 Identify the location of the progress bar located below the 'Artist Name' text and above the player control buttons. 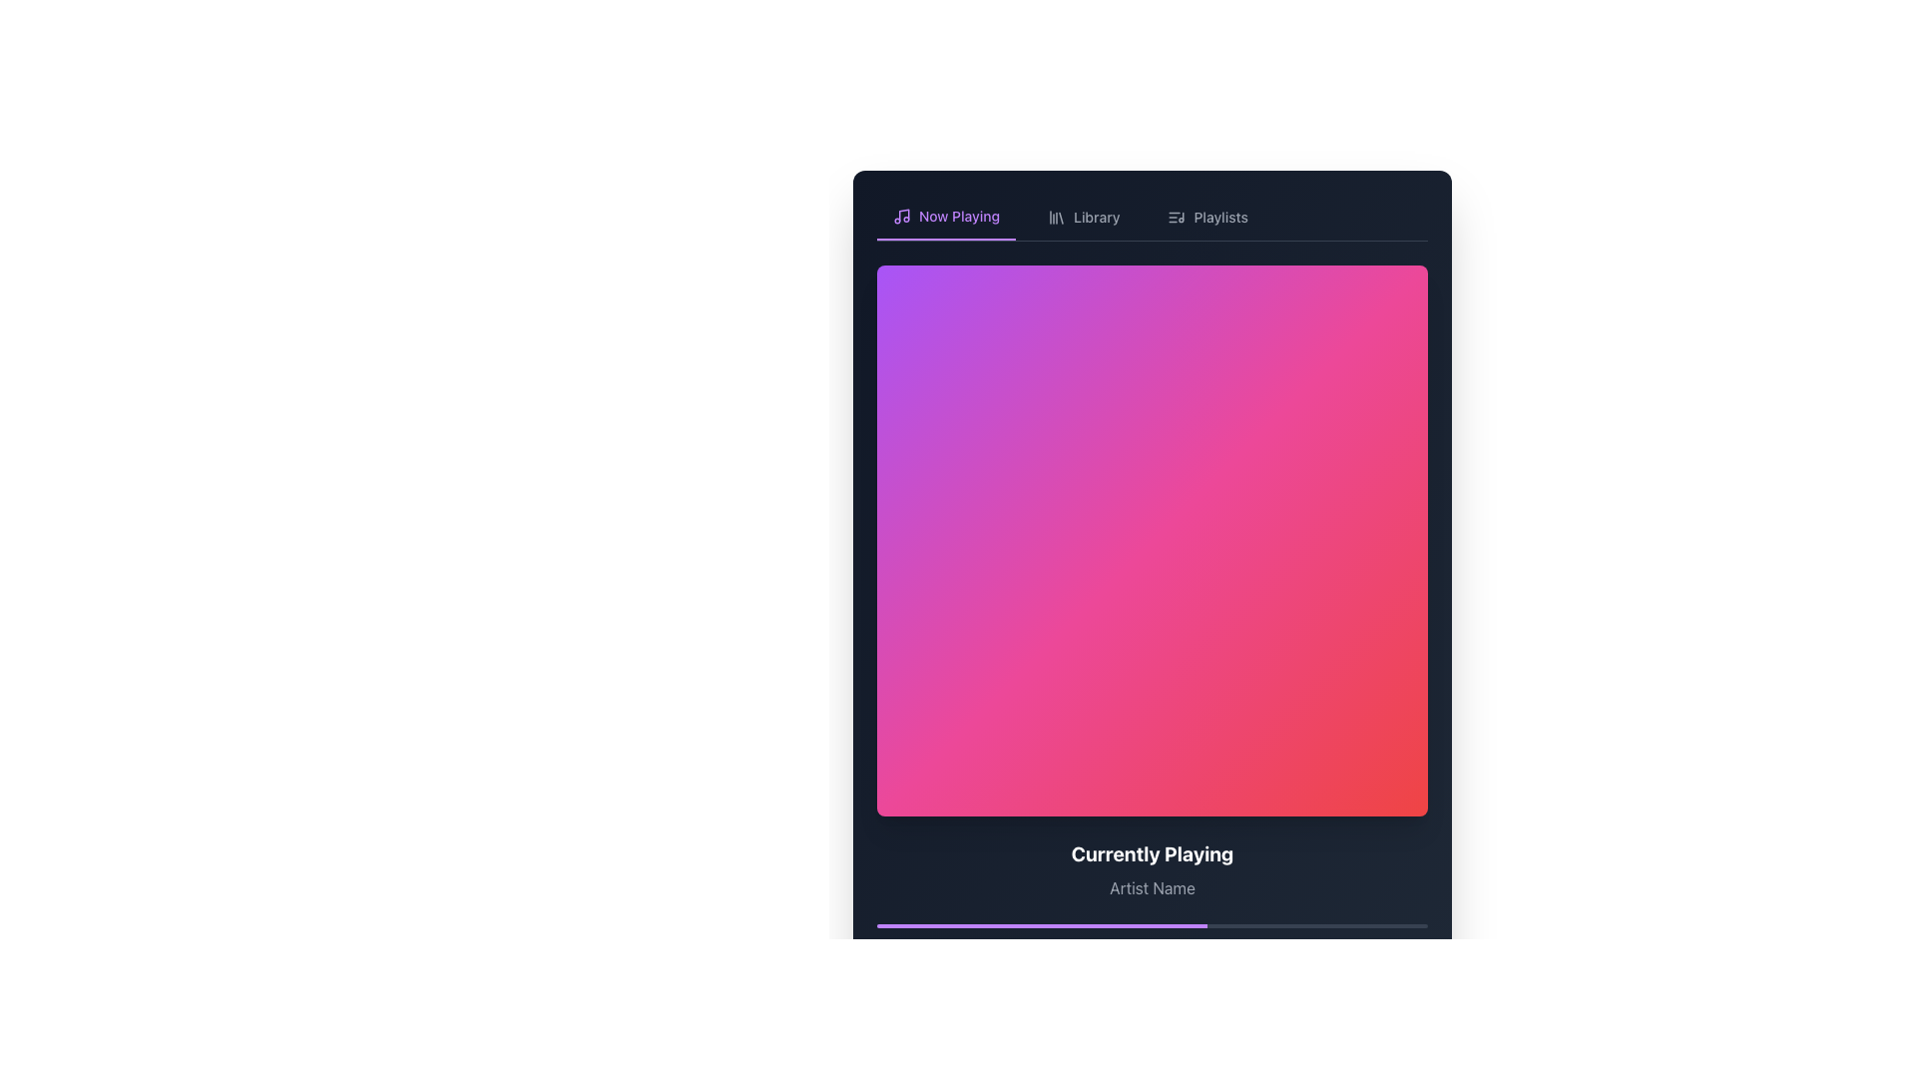
(1153, 939).